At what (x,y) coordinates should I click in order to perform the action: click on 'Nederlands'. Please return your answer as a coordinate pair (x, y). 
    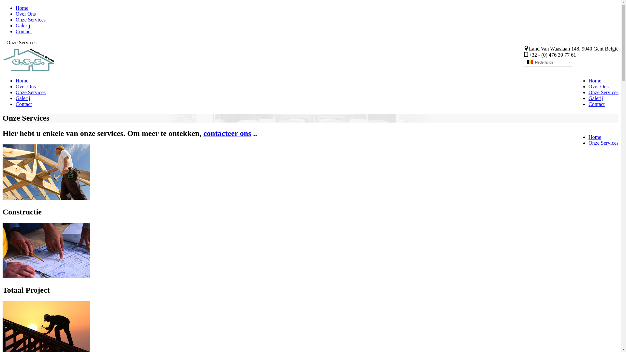
    Looking at the image, I should click on (530, 62).